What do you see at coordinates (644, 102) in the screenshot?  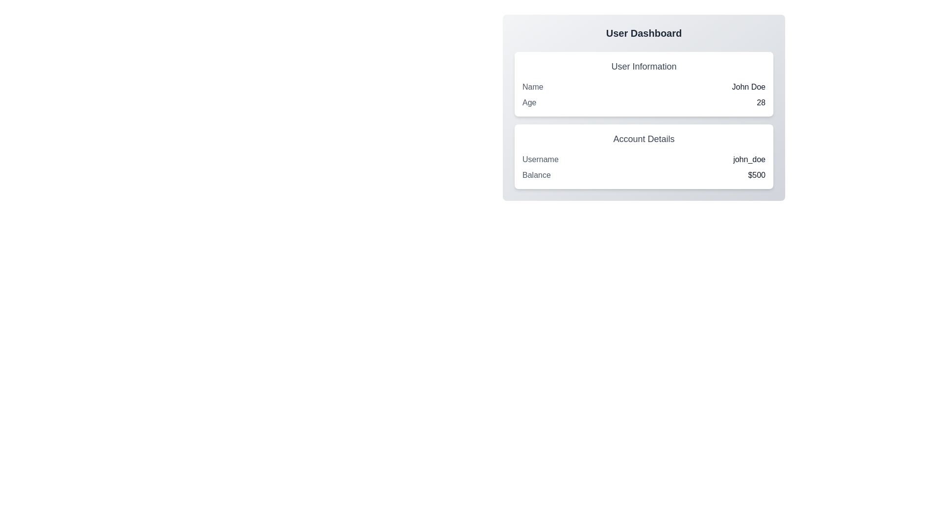 I see `the age display element located below the 'Name' row in the 'User Information' section of the user dashboard card` at bounding box center [644, 102].